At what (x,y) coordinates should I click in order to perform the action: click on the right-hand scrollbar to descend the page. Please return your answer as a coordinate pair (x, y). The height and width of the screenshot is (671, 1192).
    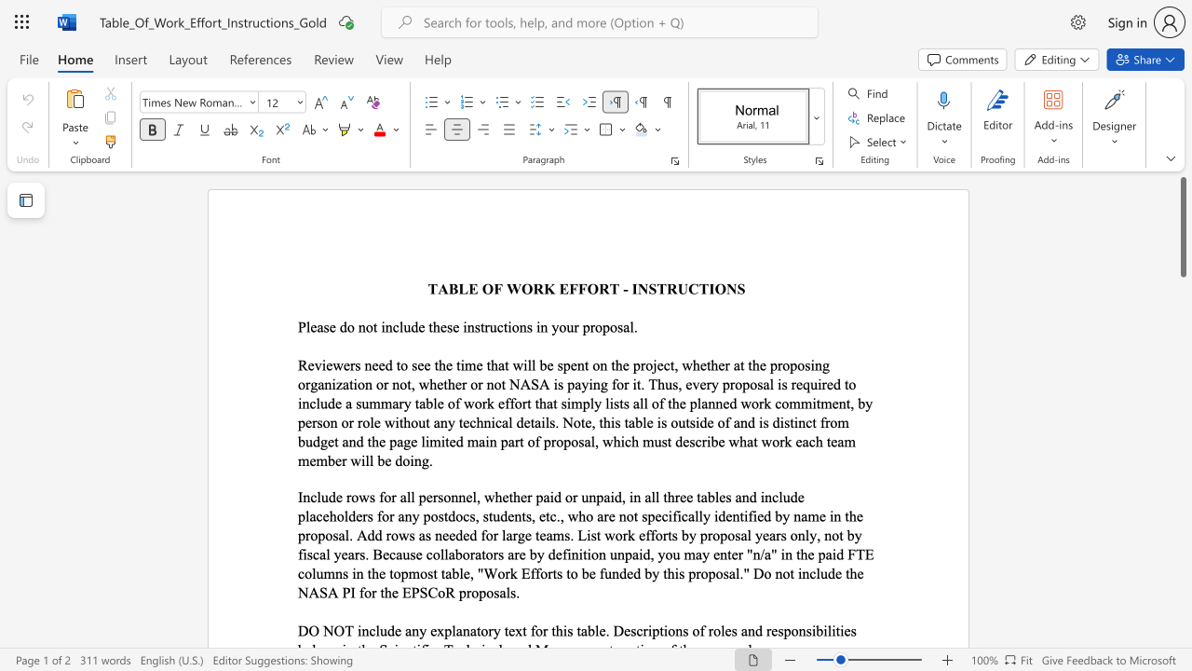
    Looking at the image, I should click on (1182, 438).